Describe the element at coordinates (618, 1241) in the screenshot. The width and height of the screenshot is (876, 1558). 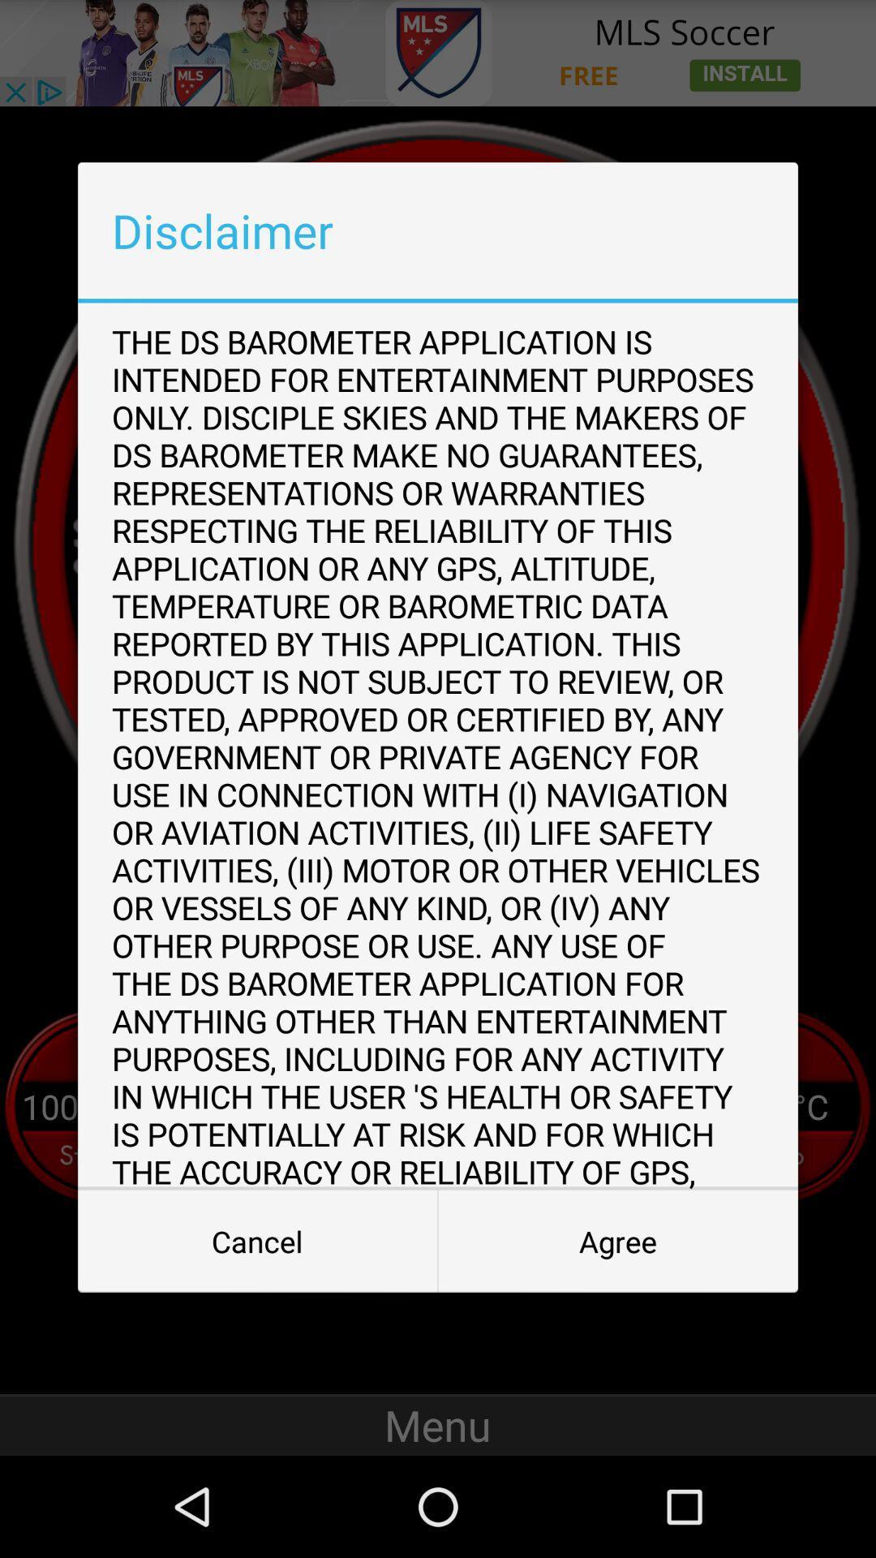
I see `the item at the bottom right corner` at that location.